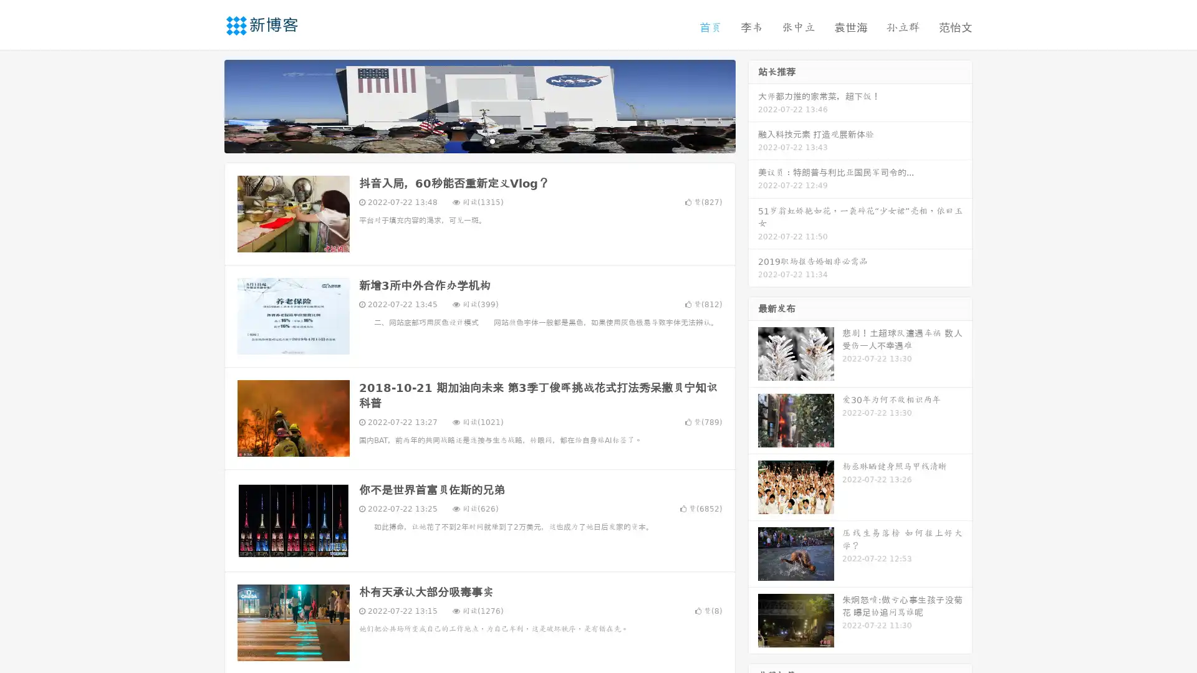 The image size is (1197, 673). Describe the element at coordinates (492, 140) in the screenshot. I see `Go to slide 3` at that location.